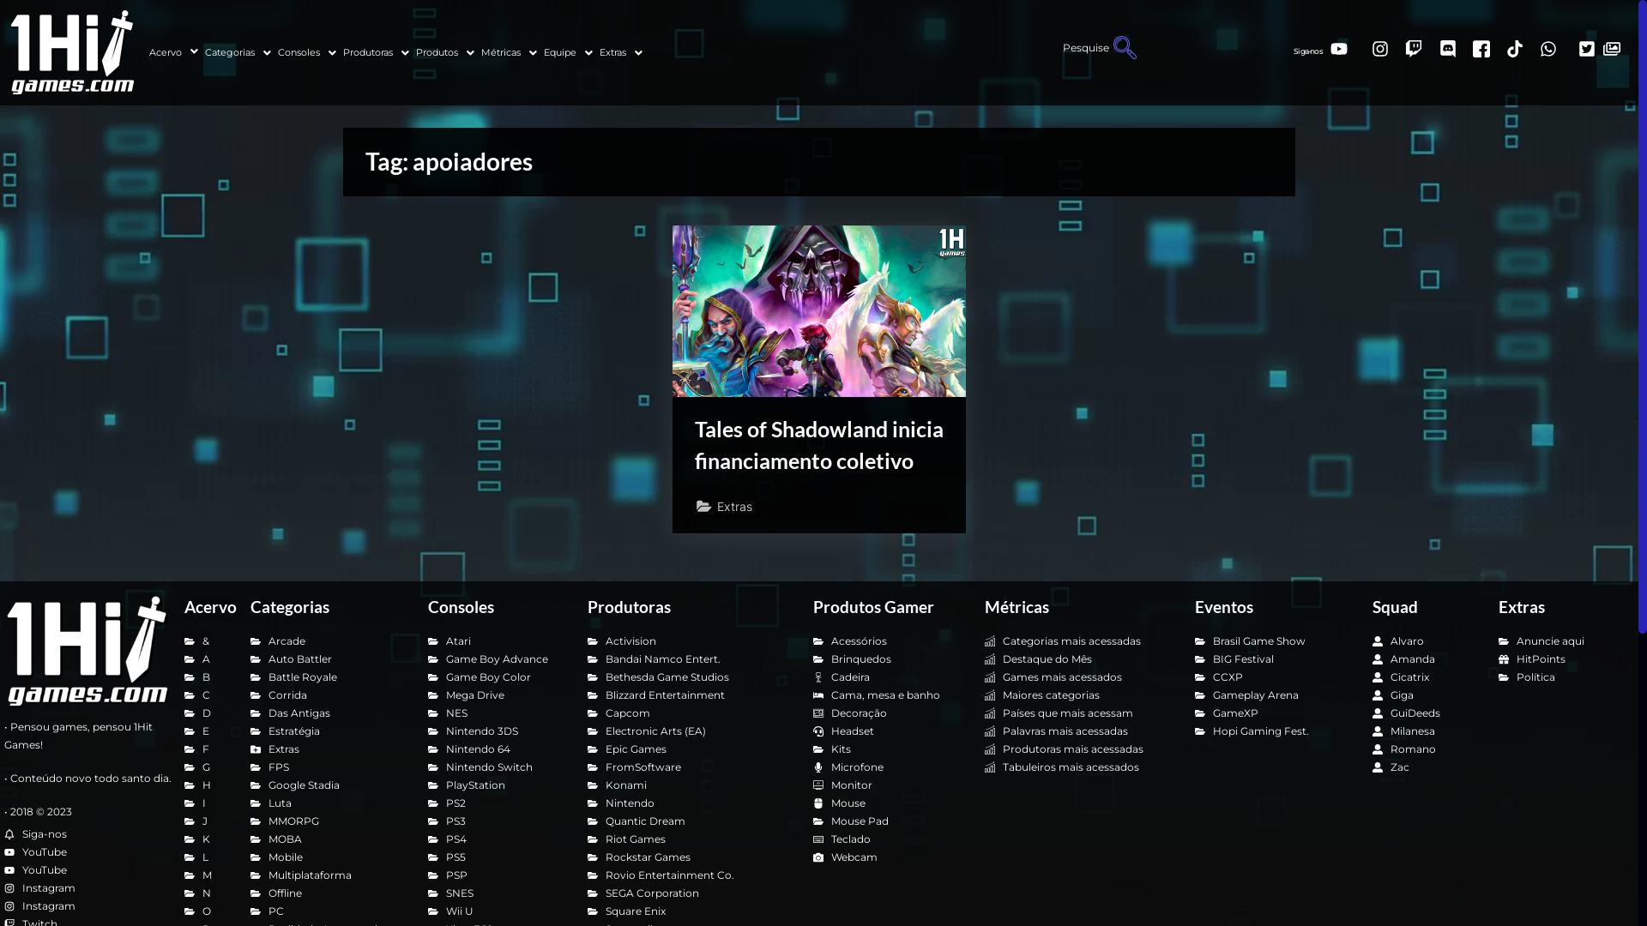 The height and width of the screenshot is (926, 1647). I want to click on 'Produtos Gamer', so click(873, 605).